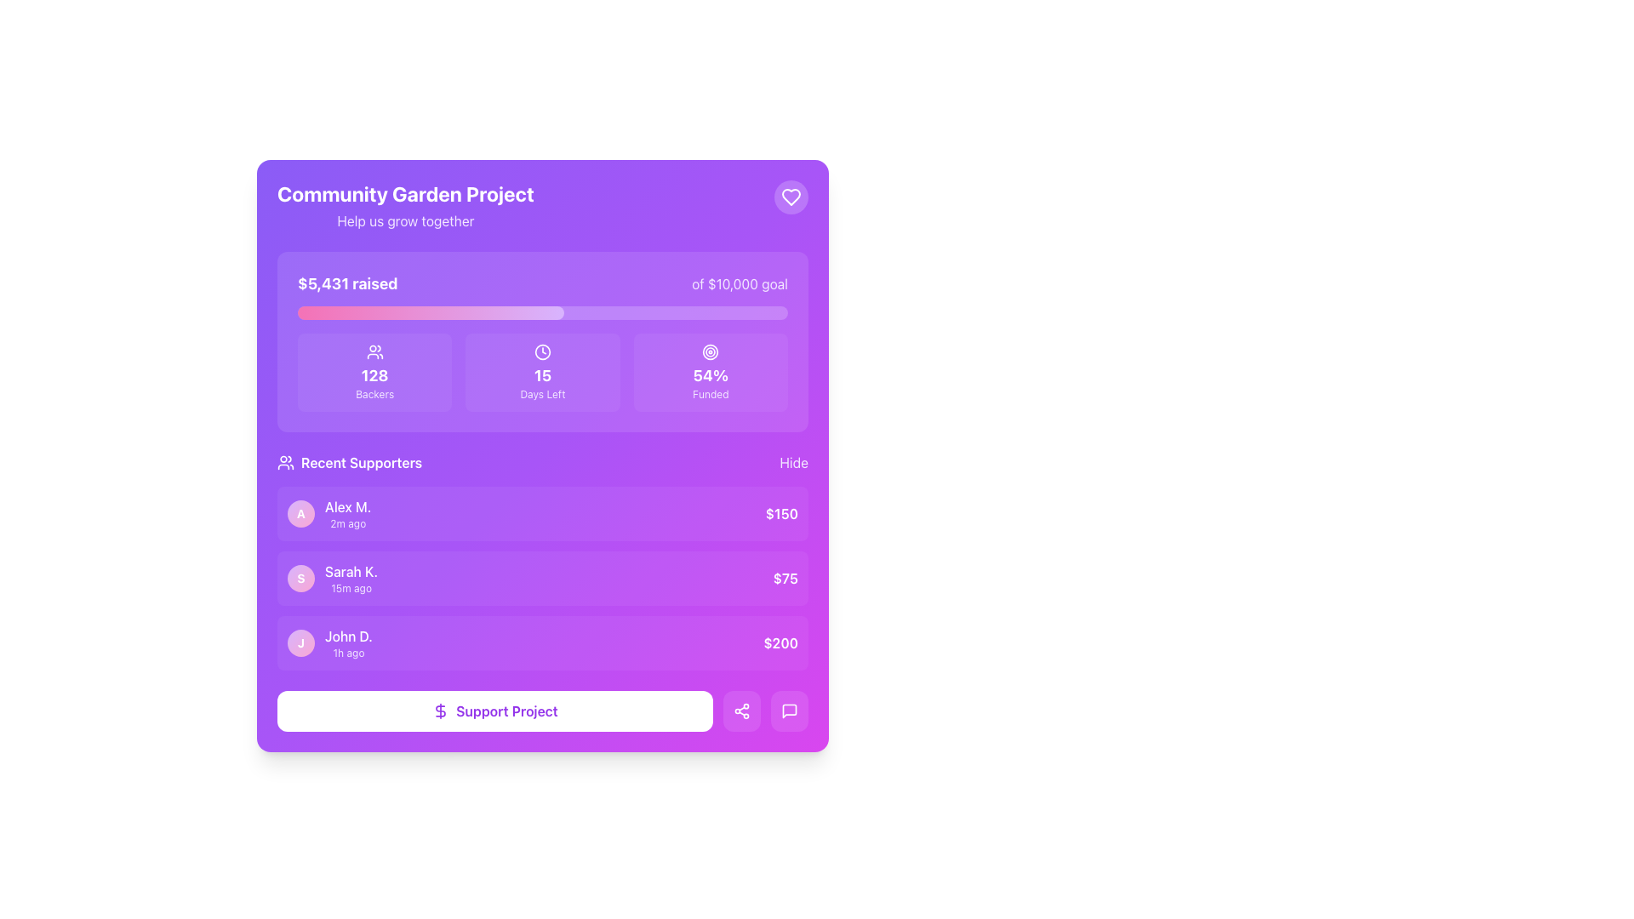 This screenshot has height=919, width=1634. I want to click on the progress indicator representing the fundraising progress of '$5,431 raised of $10,000 goal', located near the top of the interface, beneath the fundraising text and above the statistics tiles, so click(431, 312).